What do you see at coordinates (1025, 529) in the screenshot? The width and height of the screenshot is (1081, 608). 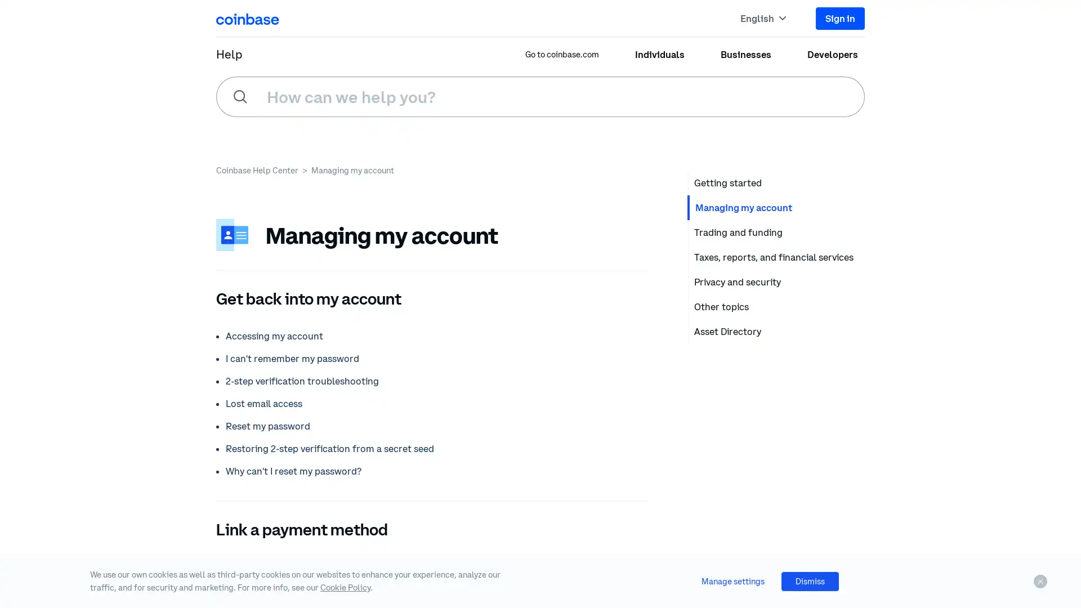 I see `Message Us` at bounding box center [1025, 529].